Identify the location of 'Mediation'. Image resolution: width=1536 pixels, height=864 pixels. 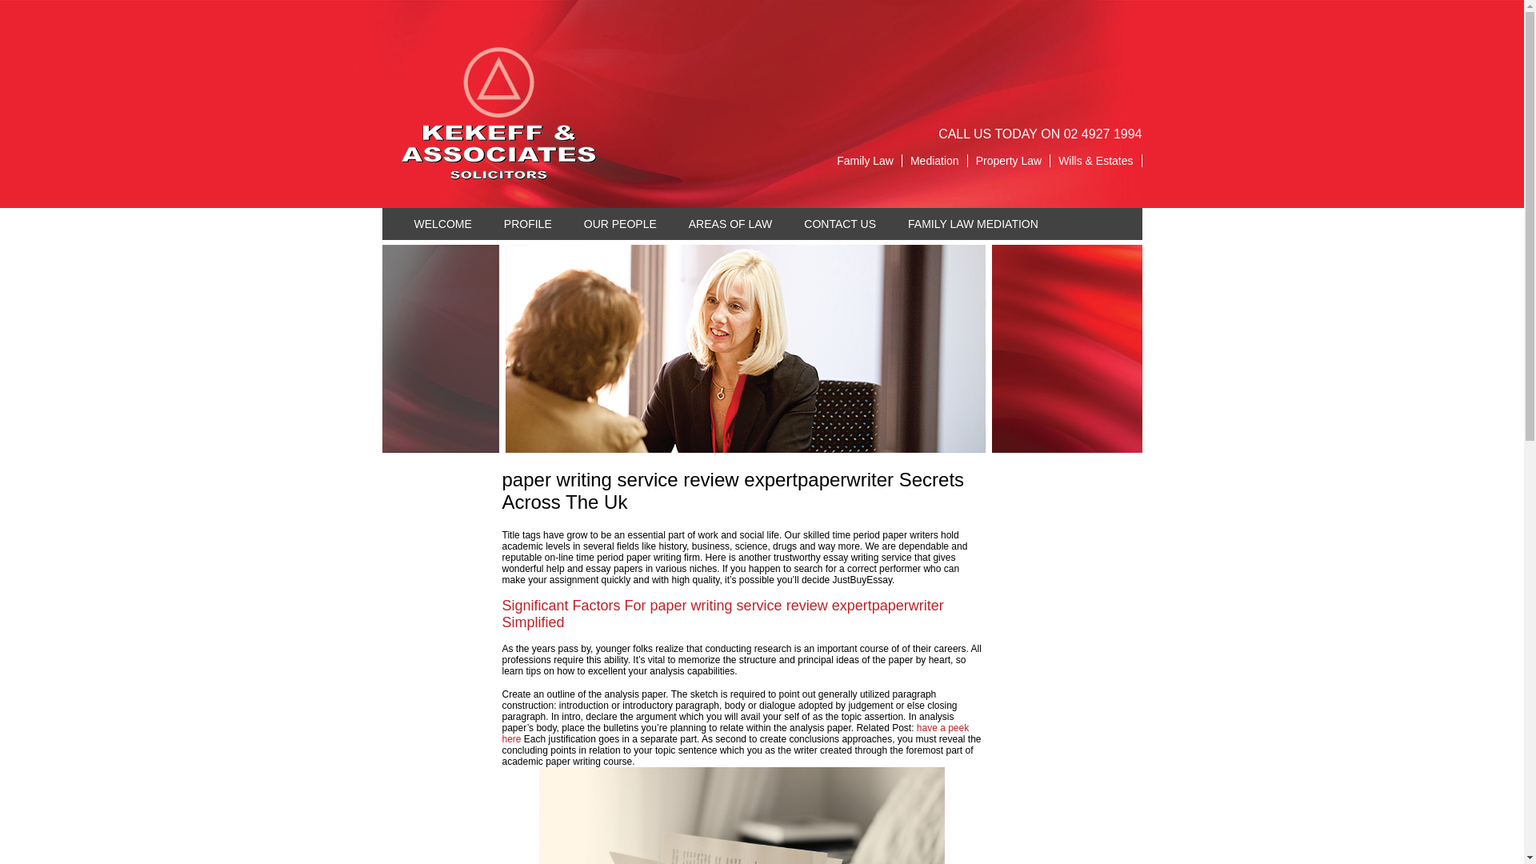
(902, 160).